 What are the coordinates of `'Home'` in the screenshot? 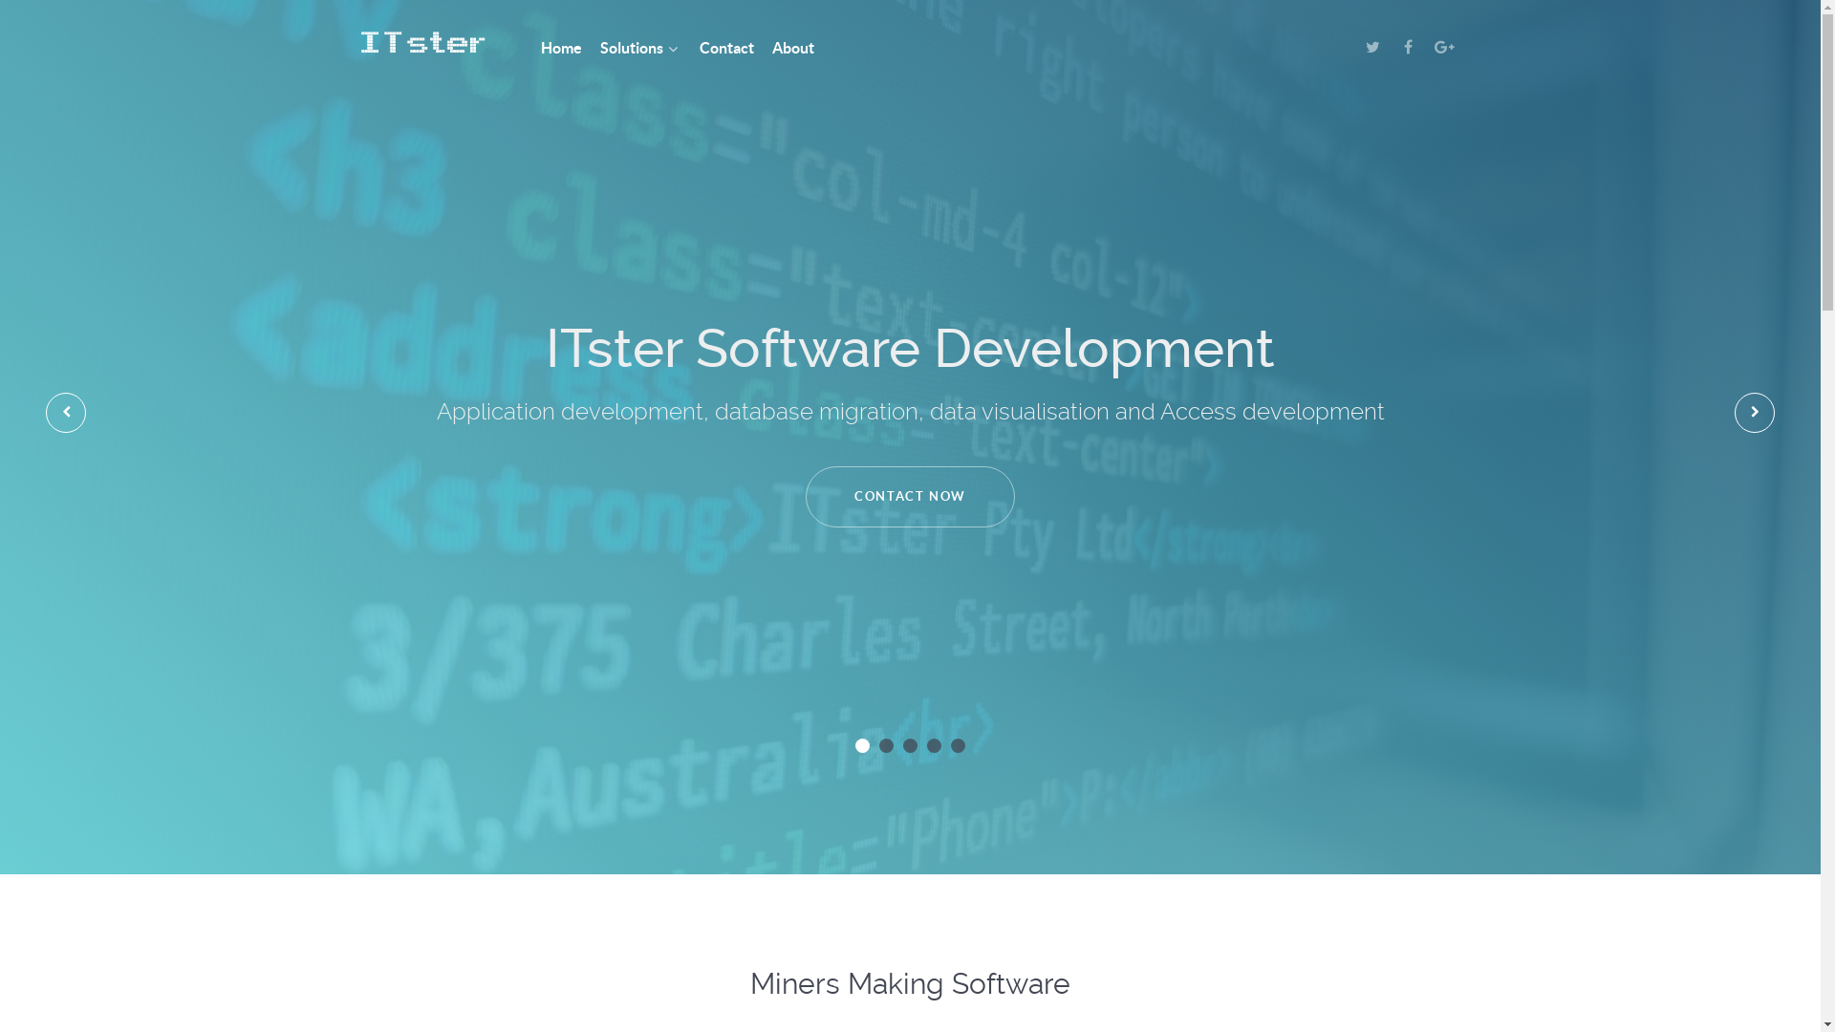 It's located at (560, 48).